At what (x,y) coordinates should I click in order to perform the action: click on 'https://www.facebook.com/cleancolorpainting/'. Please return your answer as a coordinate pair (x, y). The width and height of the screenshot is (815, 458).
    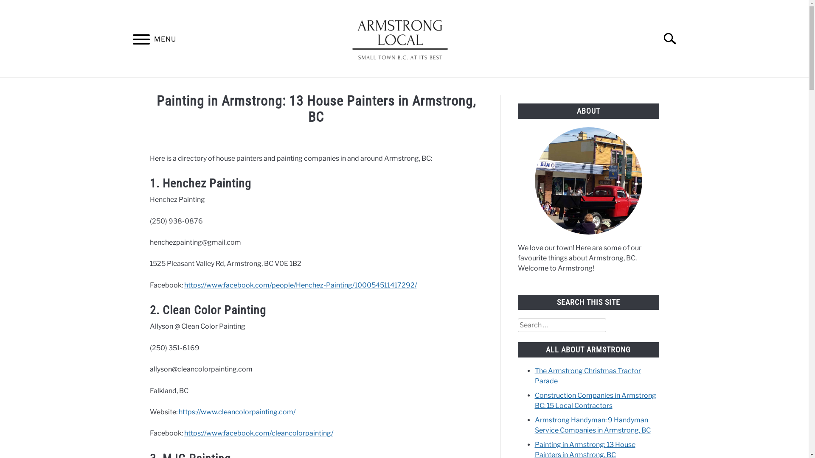
    Looking at the image, I should click on (258, 433).